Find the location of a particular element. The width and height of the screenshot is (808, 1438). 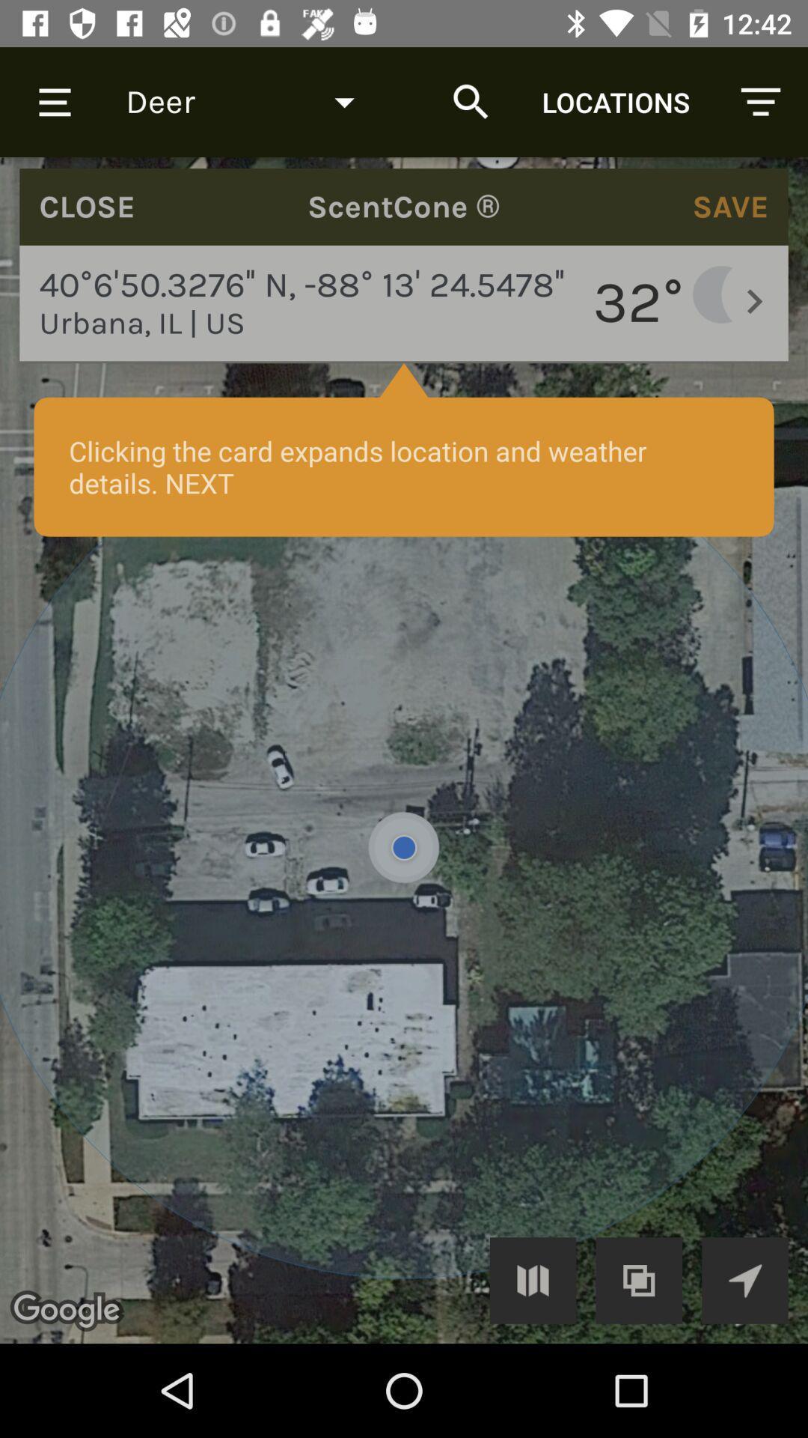

gps map with temperature is located at coordinates (404, 750).